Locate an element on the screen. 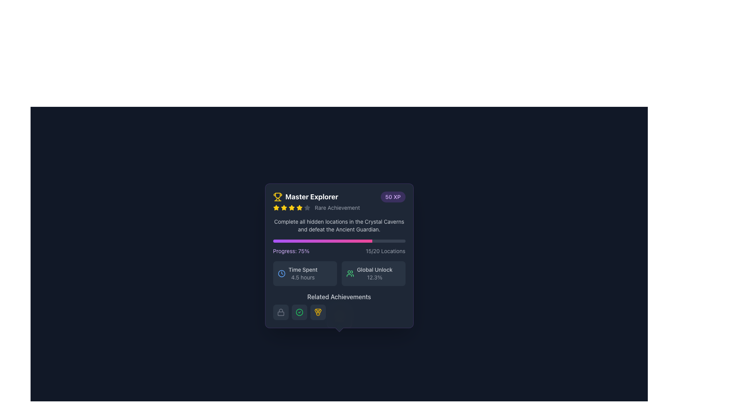 The height and width of the screenshot is (418, 743). the Static Text Label reading 'Rare Achievement', which is styled with a small font size and gray color, located within a badge-like section to the right of the stars is located at coordinates (337, 207).